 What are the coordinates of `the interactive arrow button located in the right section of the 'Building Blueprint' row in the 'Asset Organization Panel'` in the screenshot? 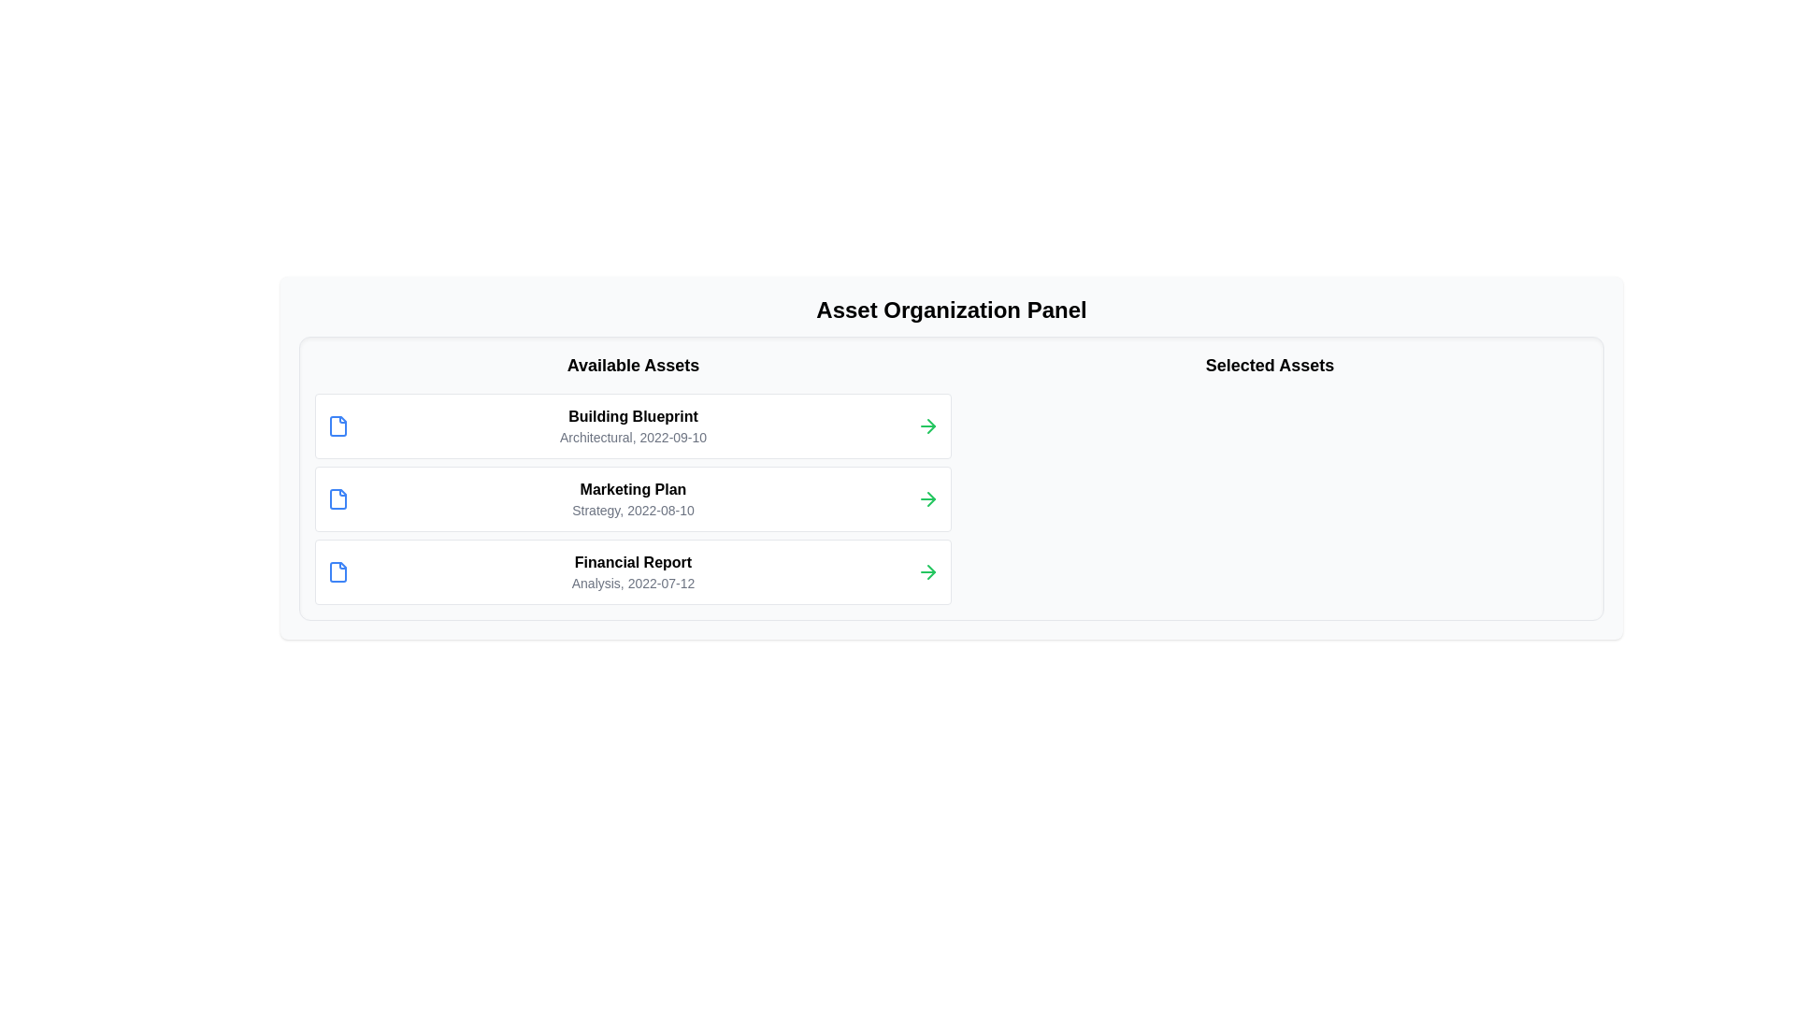 It's located at (928, 426).